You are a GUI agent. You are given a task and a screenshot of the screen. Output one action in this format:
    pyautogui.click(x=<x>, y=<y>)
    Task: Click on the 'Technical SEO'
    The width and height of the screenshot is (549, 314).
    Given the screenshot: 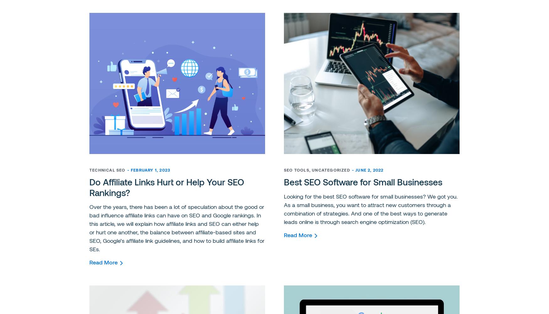 What is the action you would take?
    pyautogui.click(x=107, y=170)
    